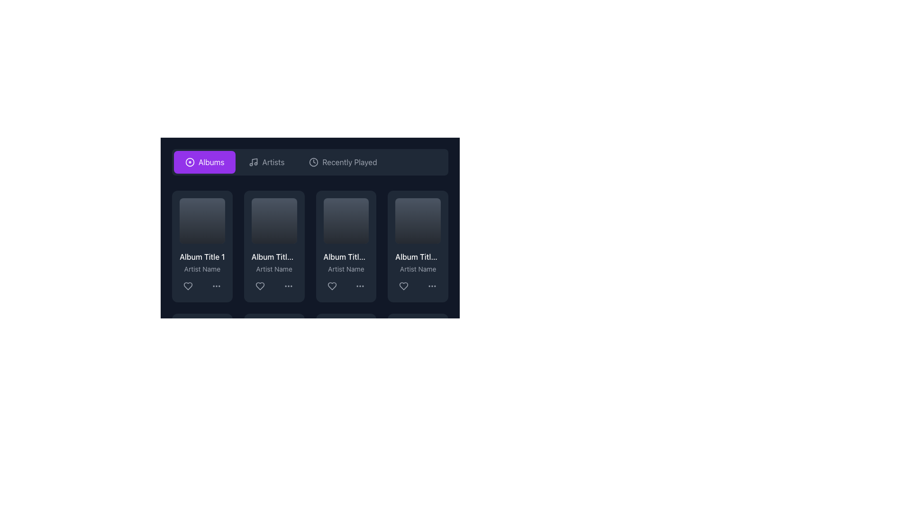 This screenshot has width=910, height=511. Describe the element at coordinates (188, 285) in the screenshot. I see `the heart icon button located beneath the first album item titled 'Album Title 1'` at that location.